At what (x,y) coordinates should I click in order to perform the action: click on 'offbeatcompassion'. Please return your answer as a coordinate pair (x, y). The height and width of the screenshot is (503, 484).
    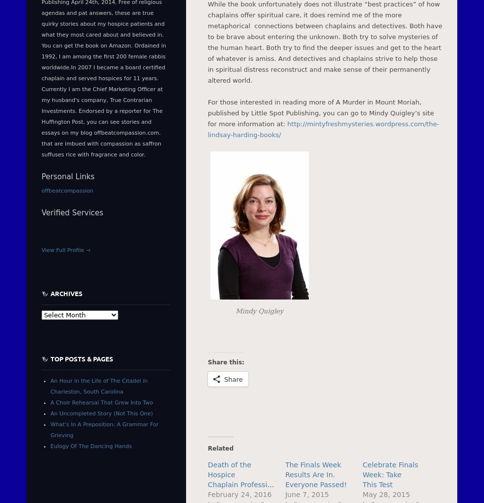
    Looking at the image, I should click on (67, 190).